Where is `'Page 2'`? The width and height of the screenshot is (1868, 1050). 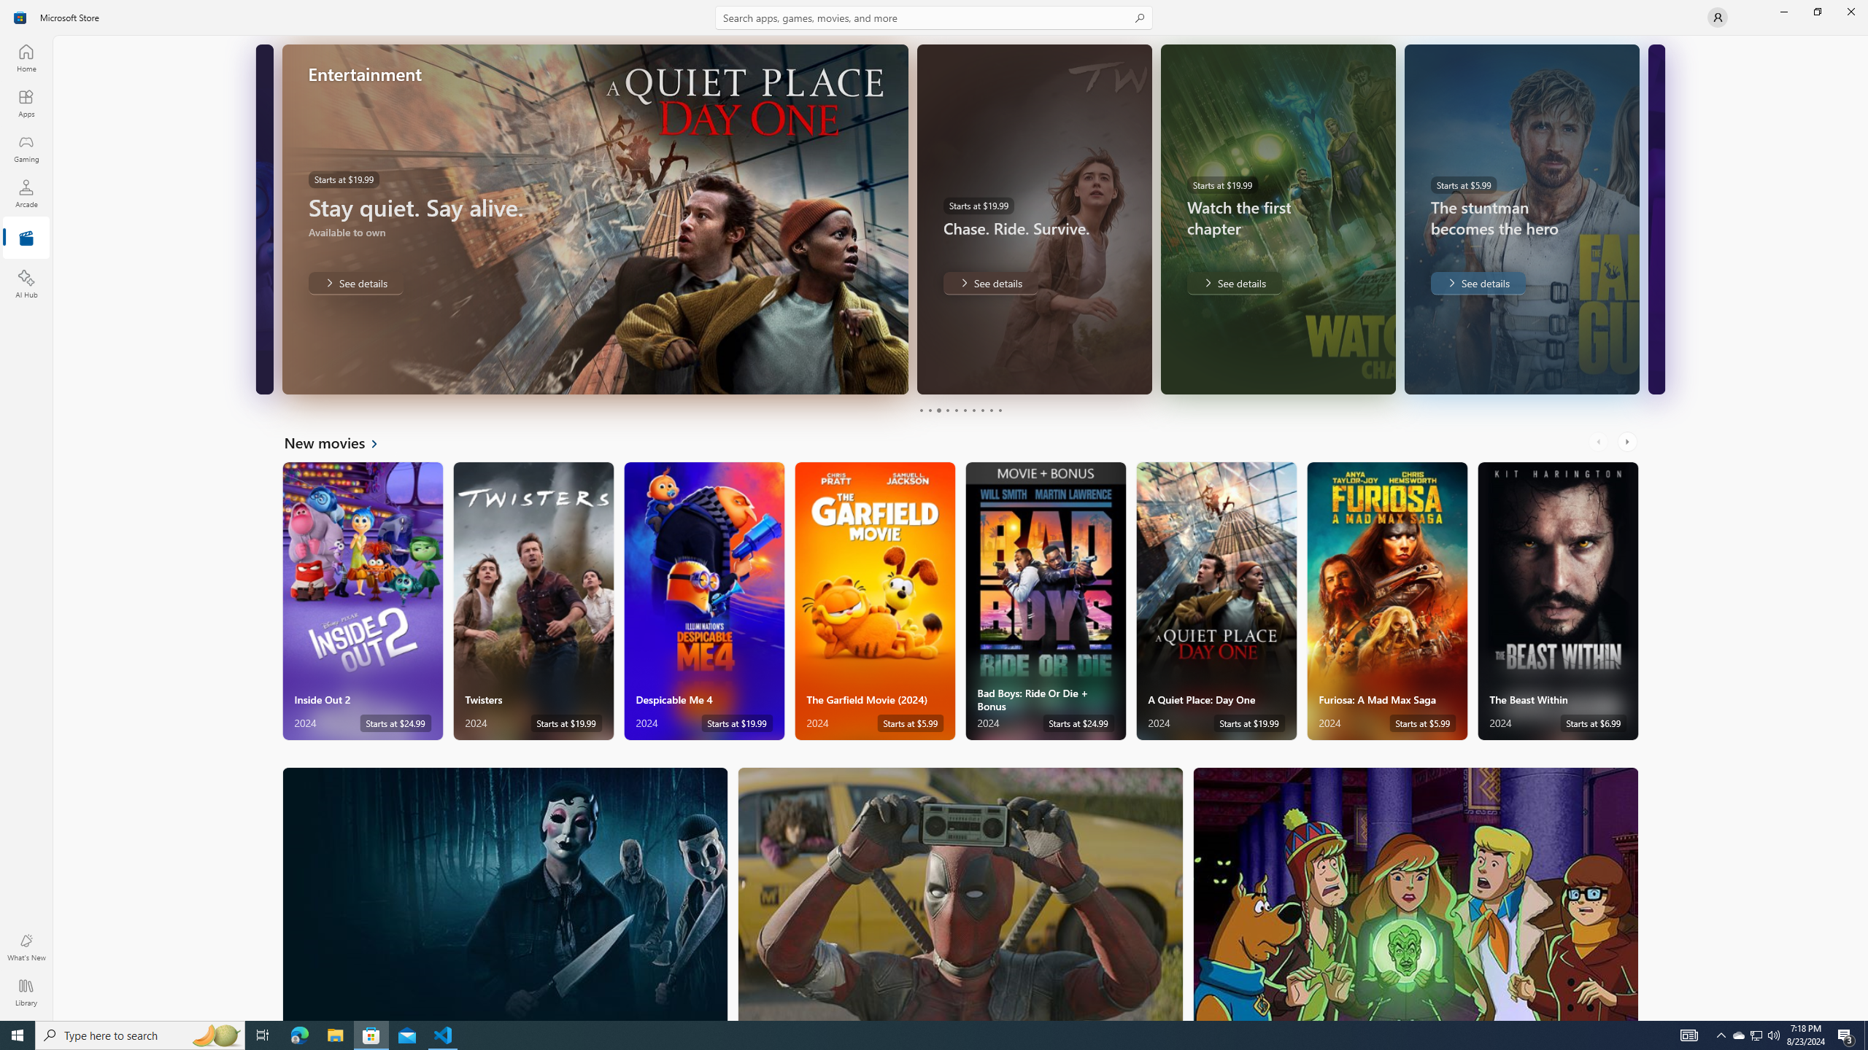
'Page 2' is located at coordinates (928, 410).